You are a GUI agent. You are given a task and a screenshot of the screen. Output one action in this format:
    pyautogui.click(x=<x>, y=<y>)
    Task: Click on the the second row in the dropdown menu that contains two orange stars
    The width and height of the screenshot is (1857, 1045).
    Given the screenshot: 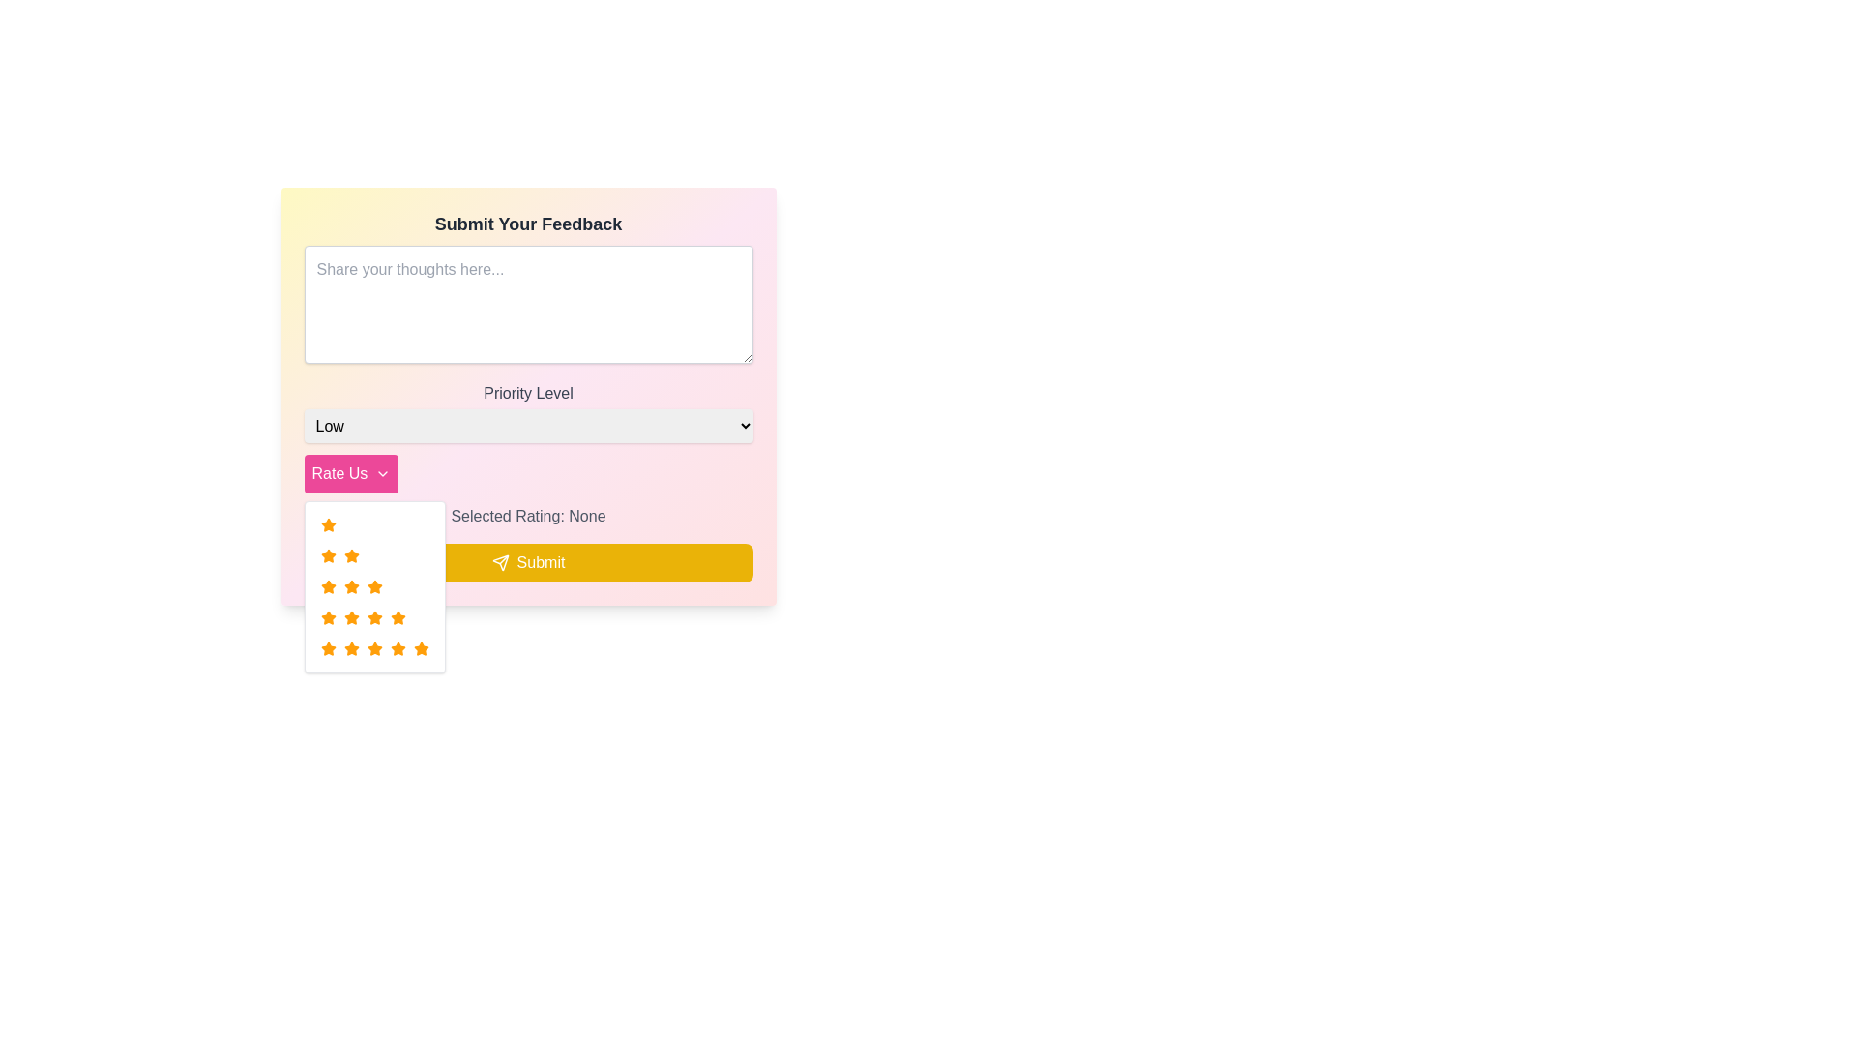 What is the action you would take?
    pyautogui.click(x=374, y=555)
    